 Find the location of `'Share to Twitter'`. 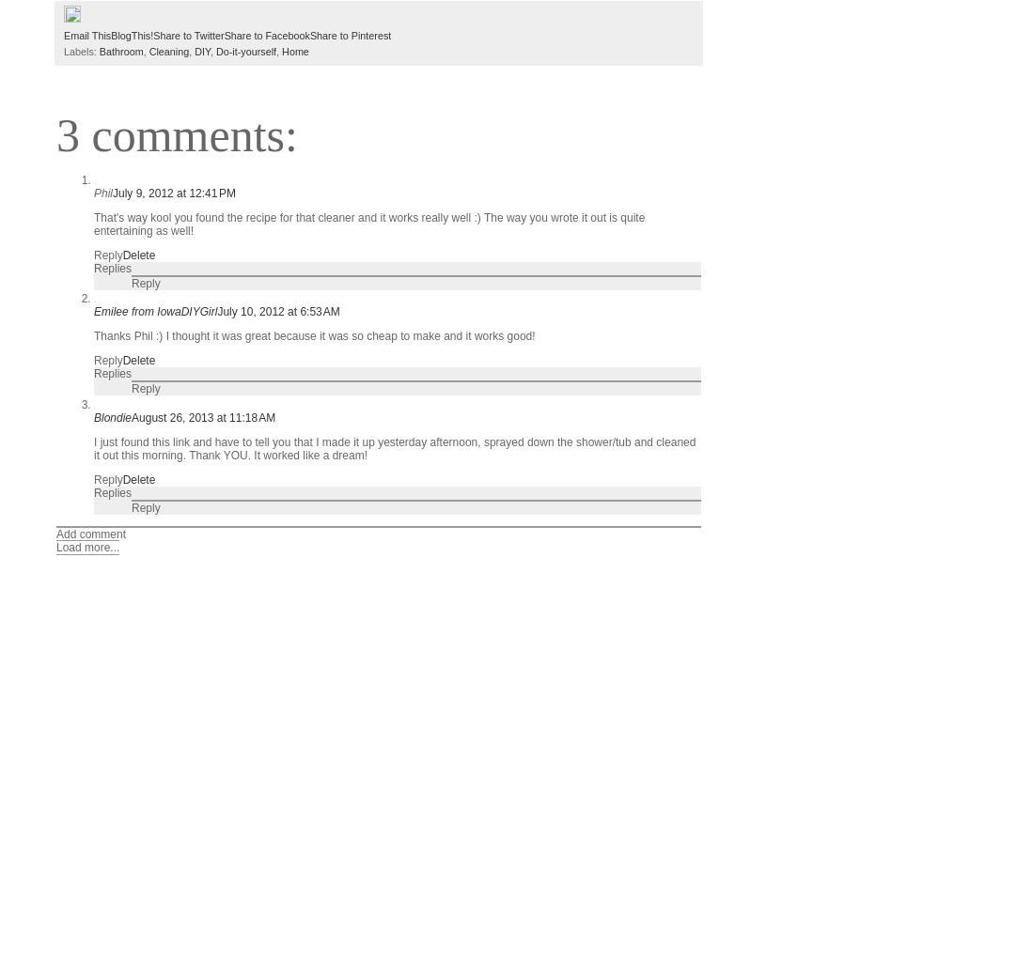

'Share to Twitter' is located at coordinates (187, 33).